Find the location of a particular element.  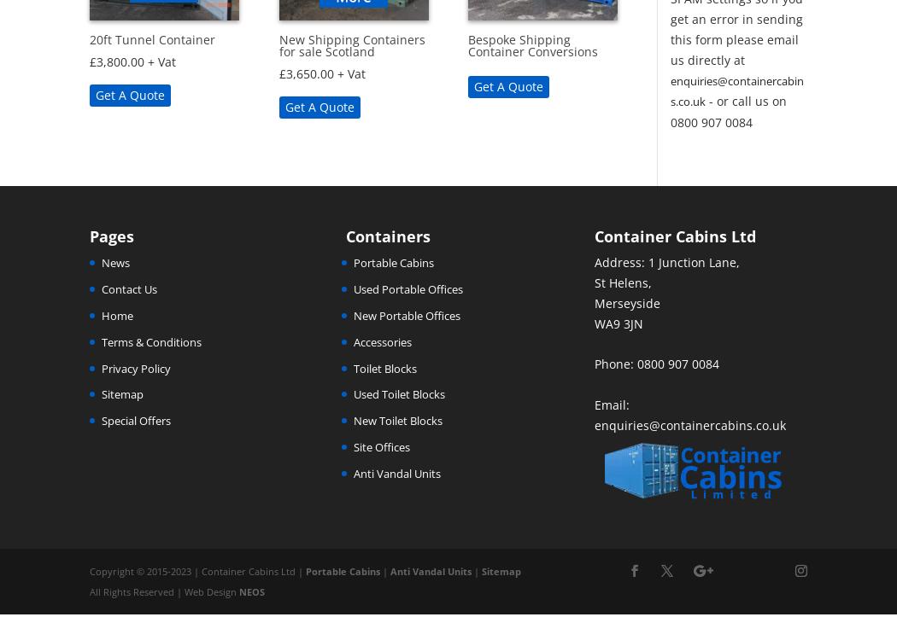

'Container Cabins Ltd' is located at coordinates (673, 235).